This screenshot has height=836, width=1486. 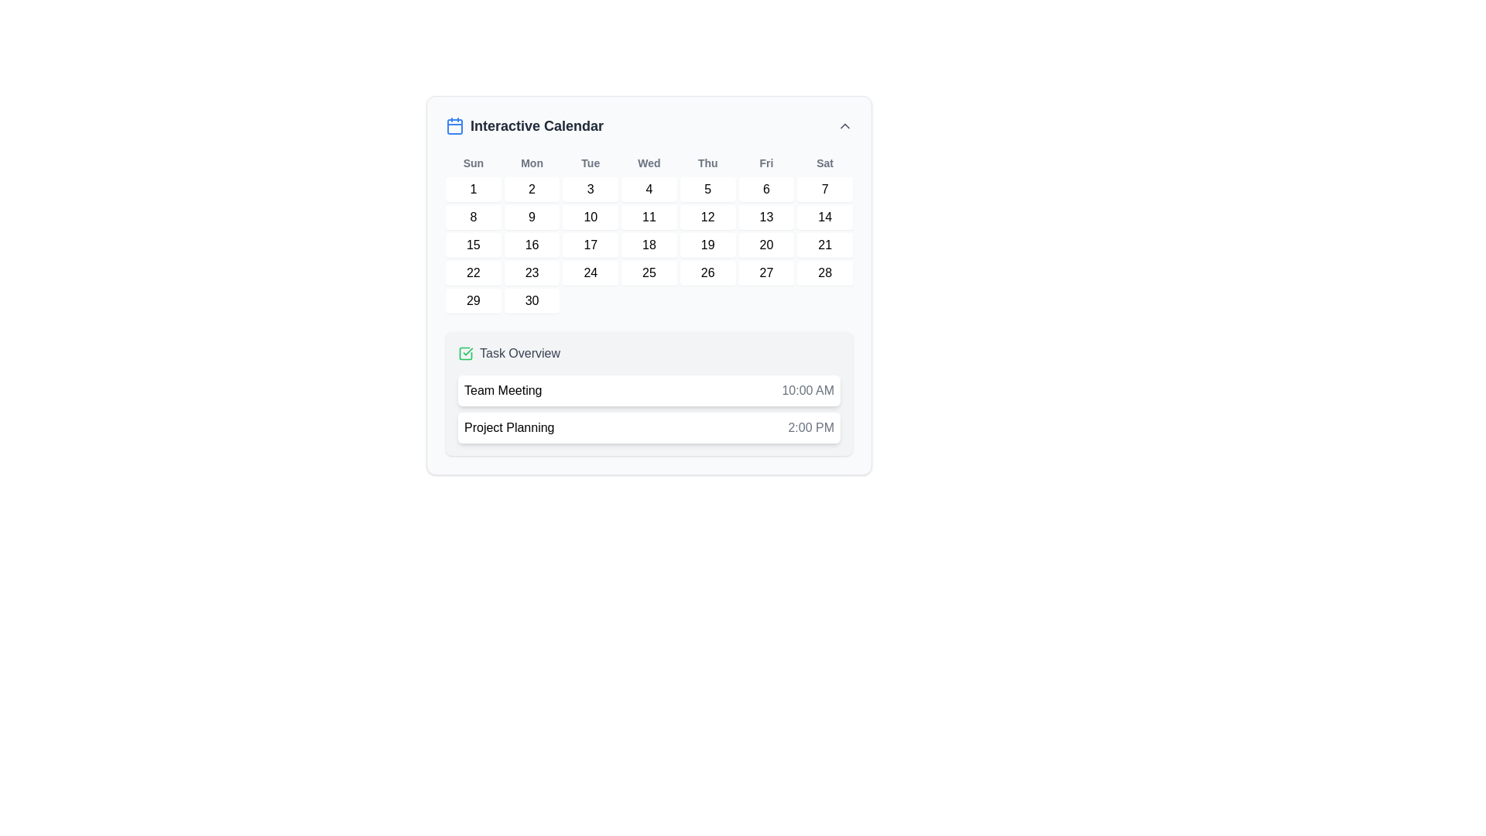 What do you see at coordinates (766, 218) in the screenshot?
I see `the interactive calendar cell displaying the text '13' located` at bounding box center [766, 218].